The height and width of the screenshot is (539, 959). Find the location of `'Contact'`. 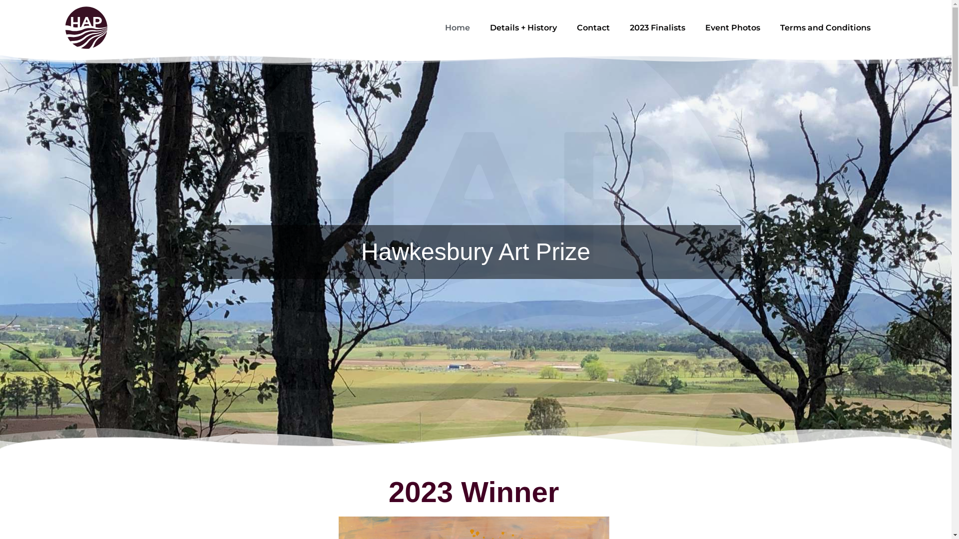

'Contact' is located at coordinates (593, 26).